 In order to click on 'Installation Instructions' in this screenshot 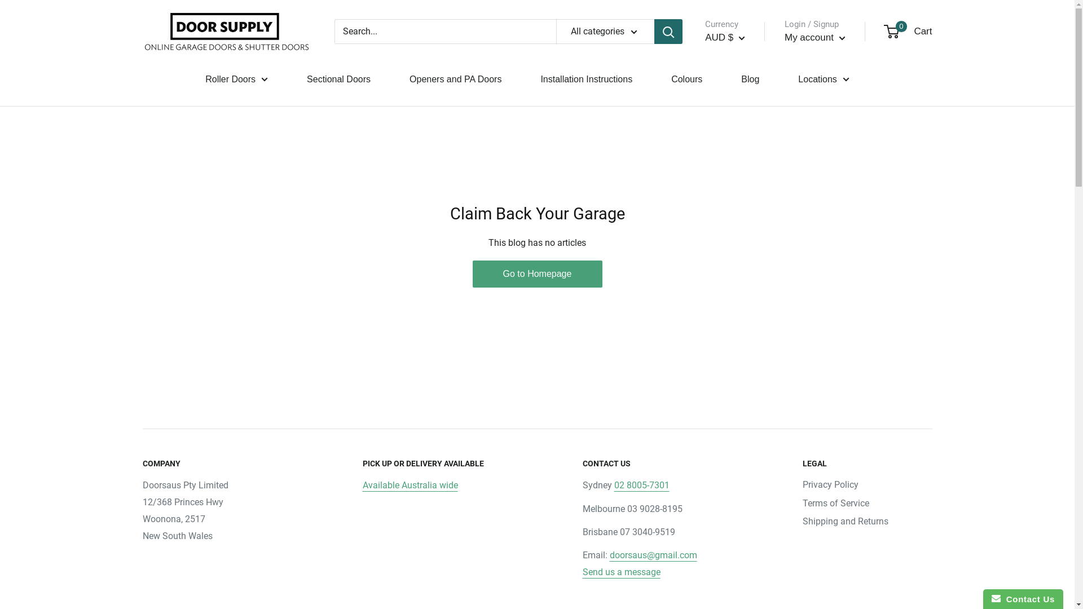, I will do `click(586, 79)`.